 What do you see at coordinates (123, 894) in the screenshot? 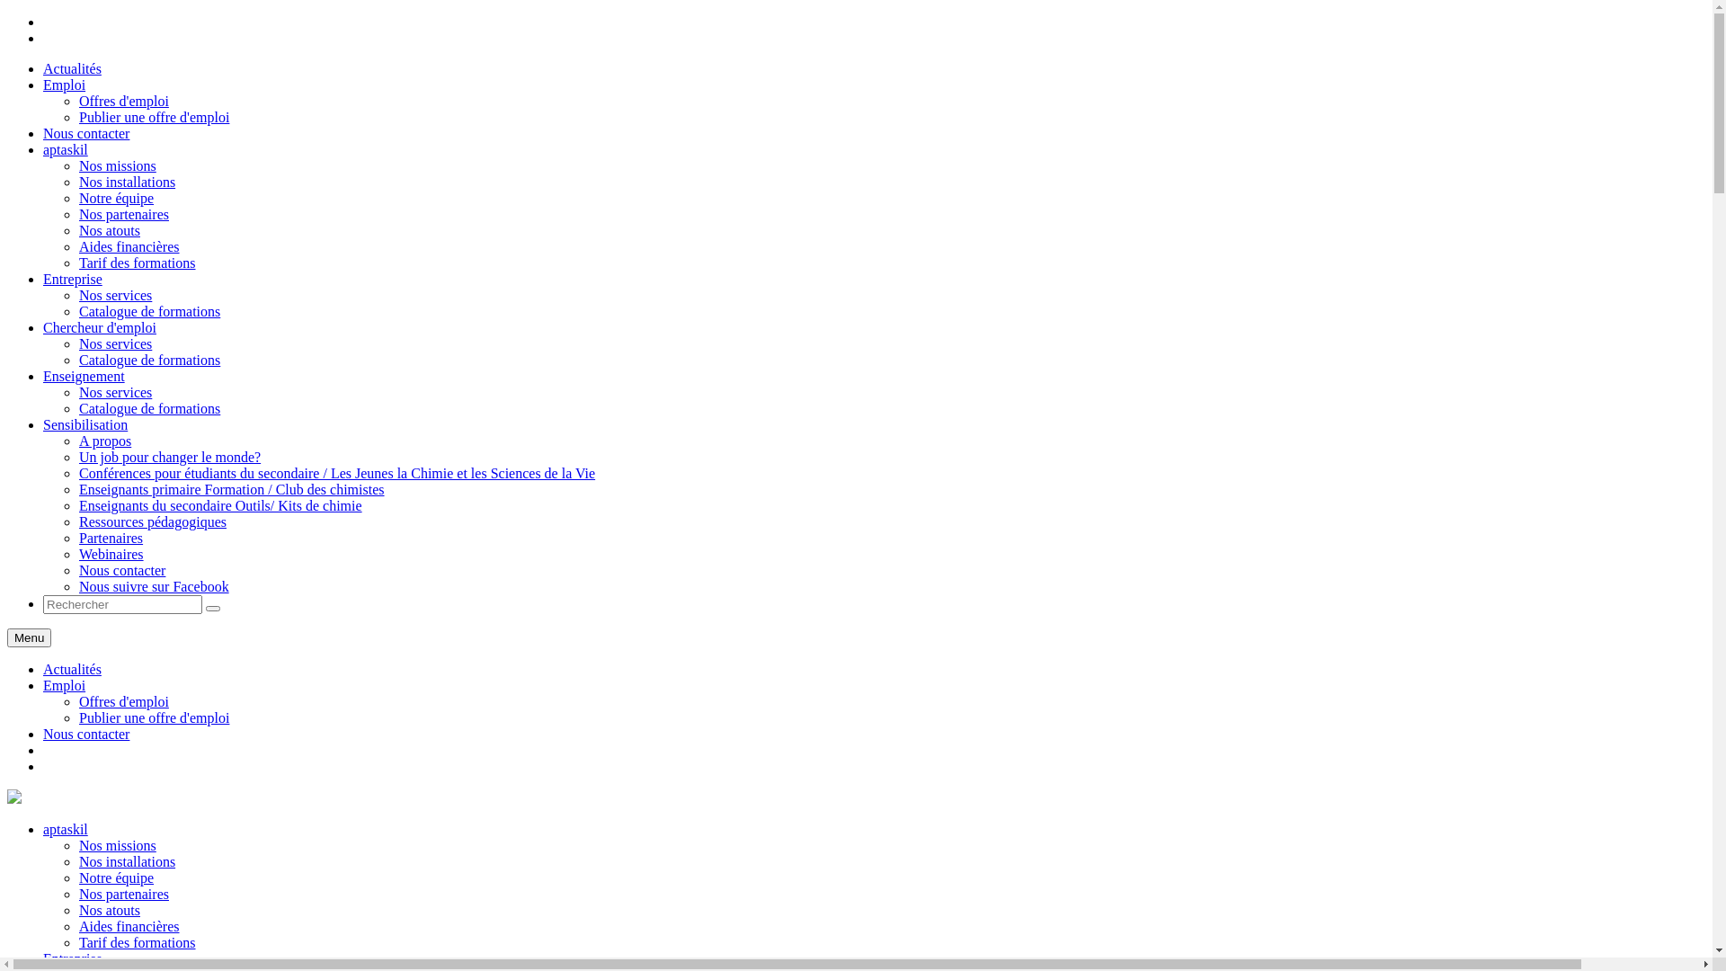
I see `'Nos partenaires'` at bounding box center [123, 894].